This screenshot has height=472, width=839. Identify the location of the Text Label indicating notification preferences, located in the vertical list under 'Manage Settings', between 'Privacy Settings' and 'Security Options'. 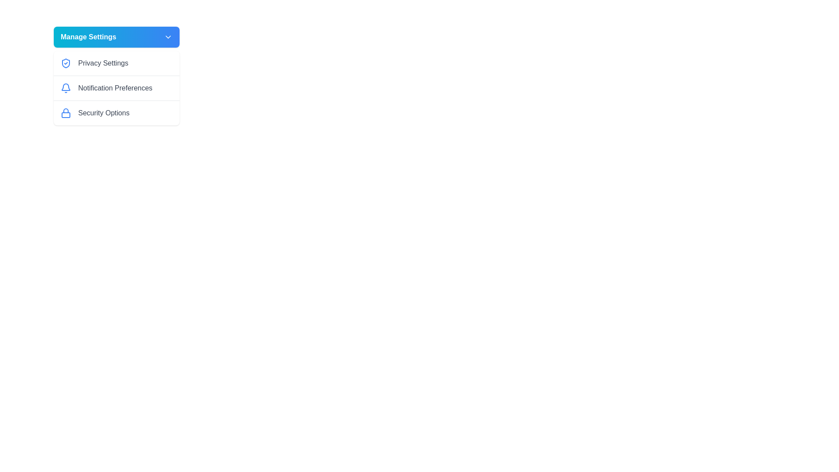
(115, 88).